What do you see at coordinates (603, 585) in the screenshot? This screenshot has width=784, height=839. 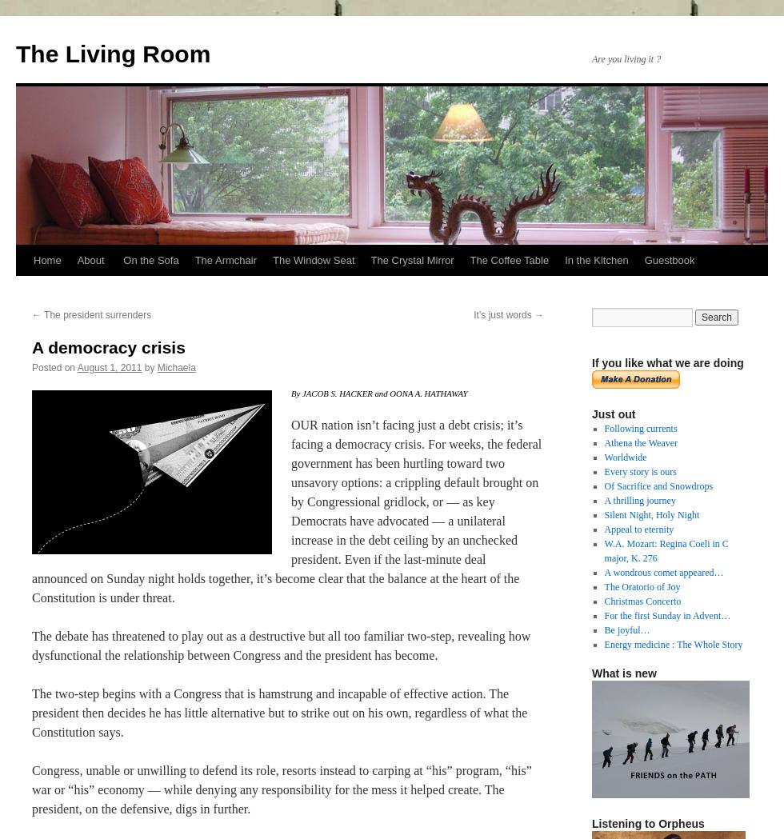 I see `'The Oratorio of Joy'` at bounding box center [603, 585].